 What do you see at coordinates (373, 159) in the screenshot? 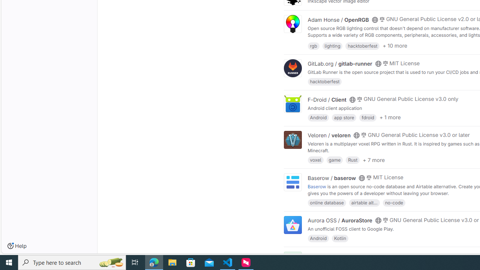
I see `'+ 7 more'` at bounding box center [373, 159].